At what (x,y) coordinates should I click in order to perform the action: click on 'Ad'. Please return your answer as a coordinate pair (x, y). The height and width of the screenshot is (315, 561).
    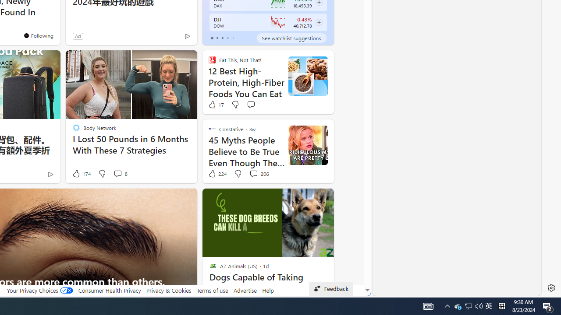
    Looking at the image, I should click on (78, 35).